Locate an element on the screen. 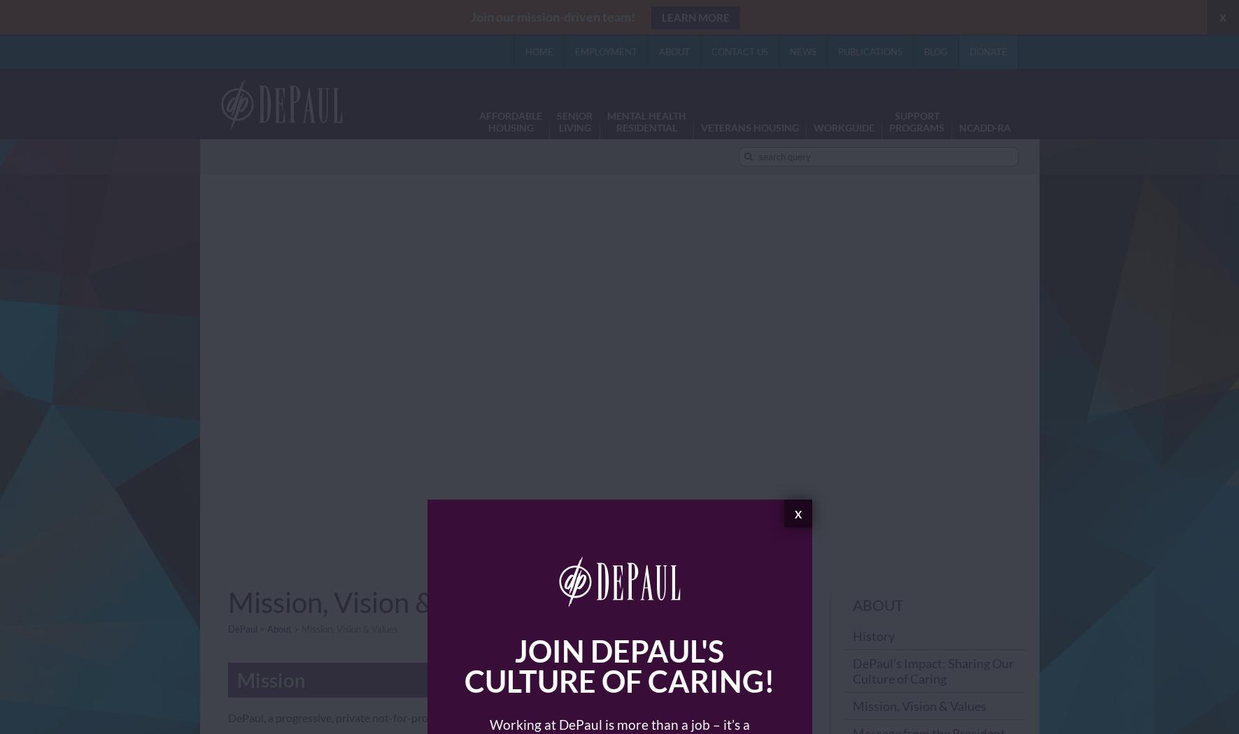 This screenshot has height=734, width=1239. 'DePaul' is located at coordinates (241, 628).